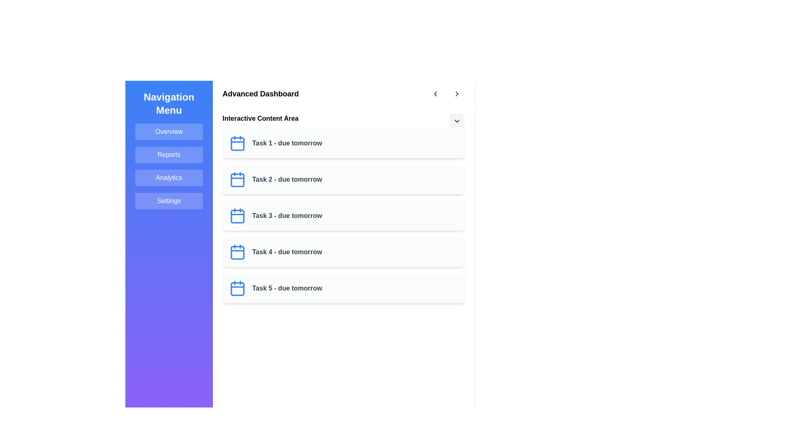  Describe the element at coordinates (457, 93) in the screenshot. I see `the right-pointing chevron SVG icon embedded within the button located in the top-right corner of the content area` at that location.